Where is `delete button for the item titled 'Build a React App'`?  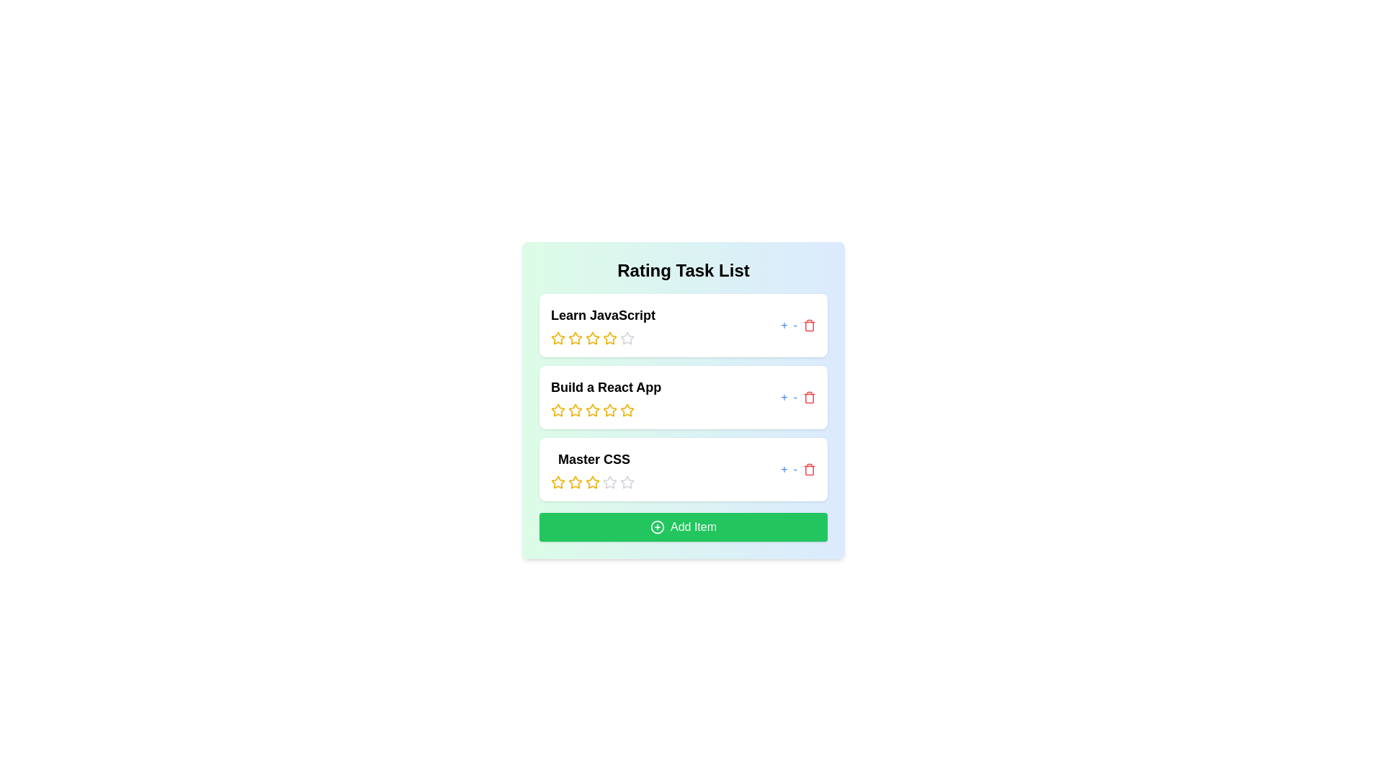 delete button for the item titled 'Build a React App' is located at coordinates (809, 397).